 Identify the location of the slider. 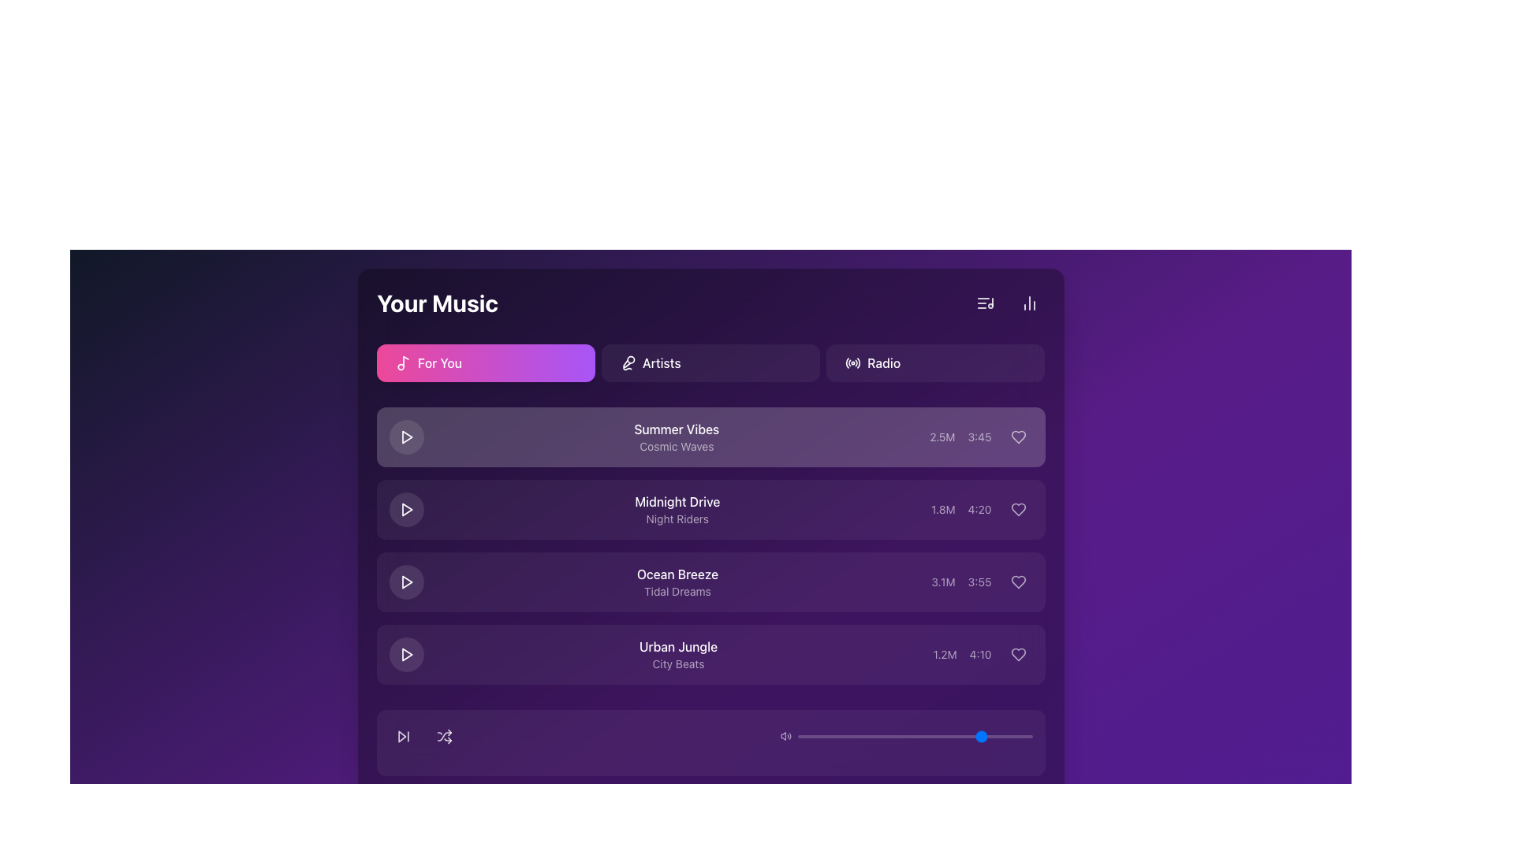
(798, 736).